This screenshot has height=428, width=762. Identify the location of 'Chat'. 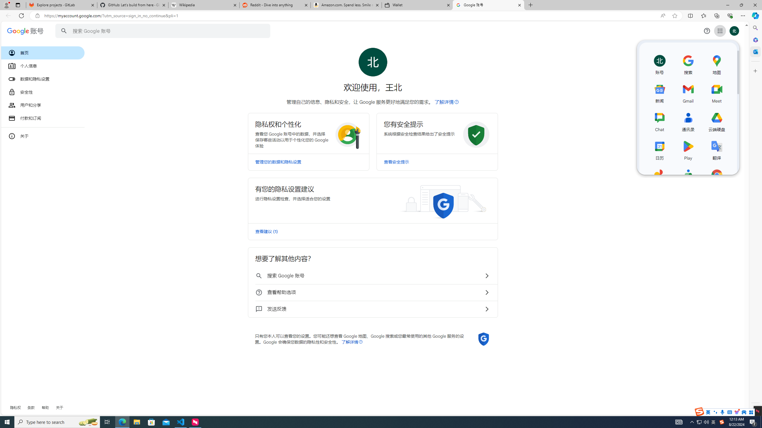
(659, 120).